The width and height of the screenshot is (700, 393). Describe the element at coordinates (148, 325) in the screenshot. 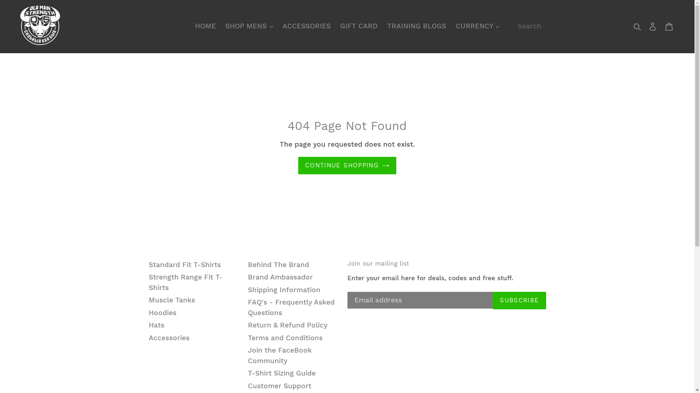

I see `'Hats'` at that location.